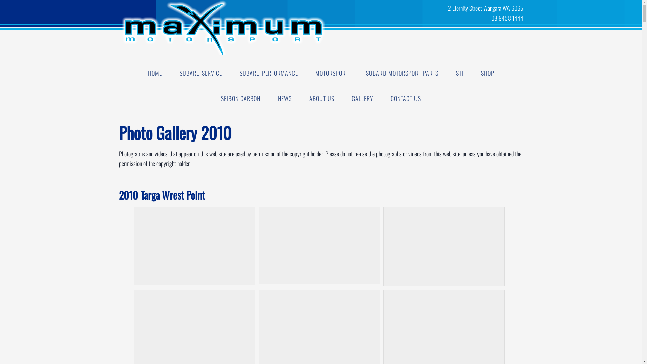  What do you see at coordinates (154, 73) in the screenshot?
I see `'HOME'` at bounding box center [154, 73].